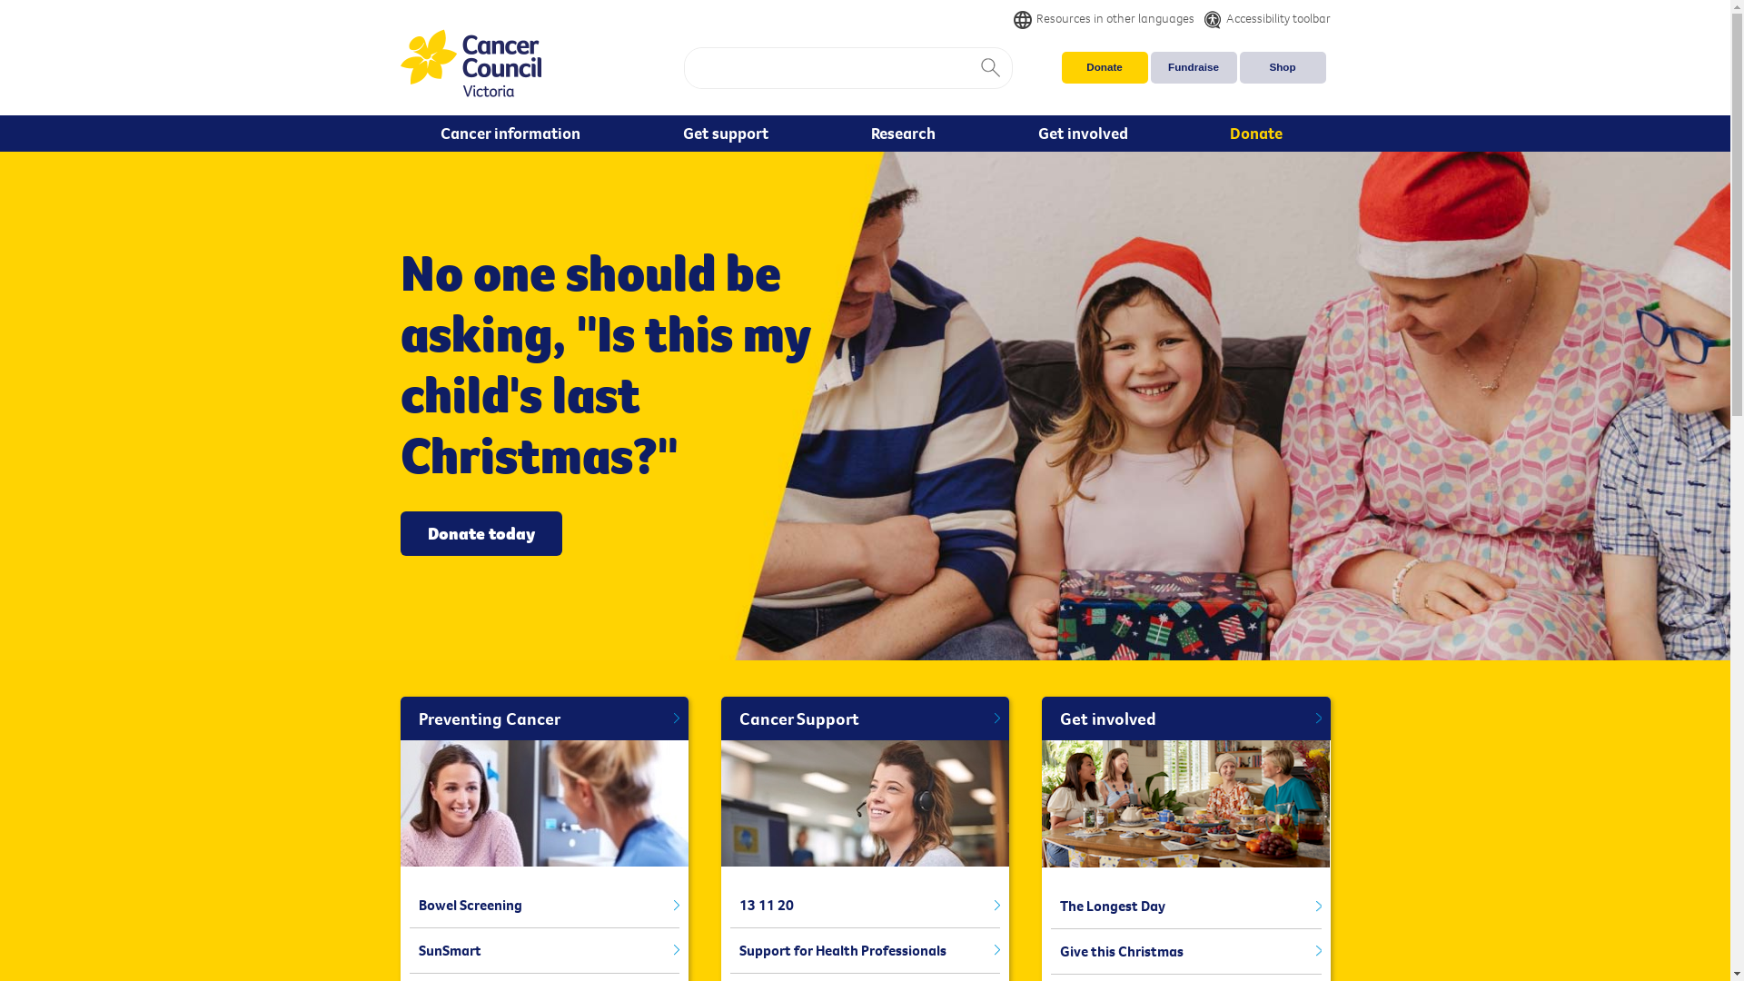 This screenshot has width=1744, height=981. What do you see at coordinates (907, 132) in the screenshot?
I see `'Research'` at bounding box center [907, 132].